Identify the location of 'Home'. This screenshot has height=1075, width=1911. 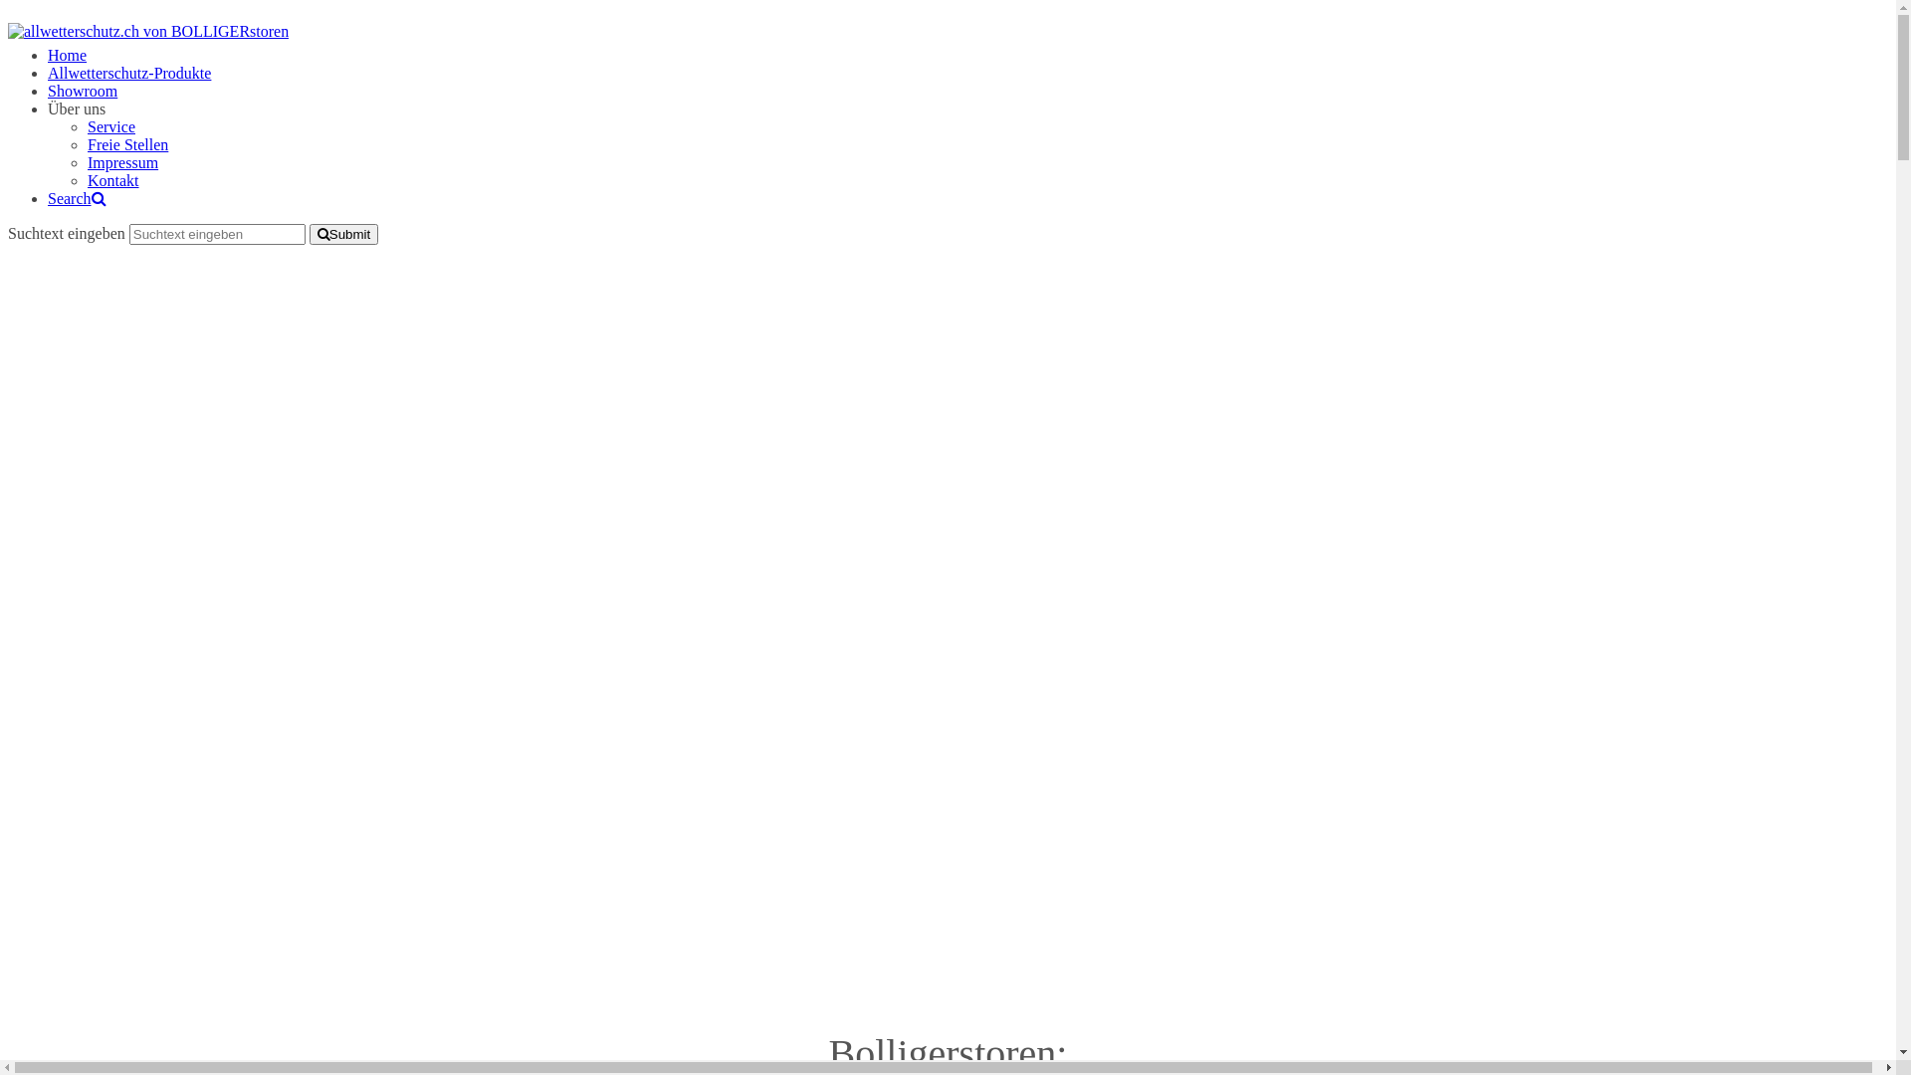
(48, 54).